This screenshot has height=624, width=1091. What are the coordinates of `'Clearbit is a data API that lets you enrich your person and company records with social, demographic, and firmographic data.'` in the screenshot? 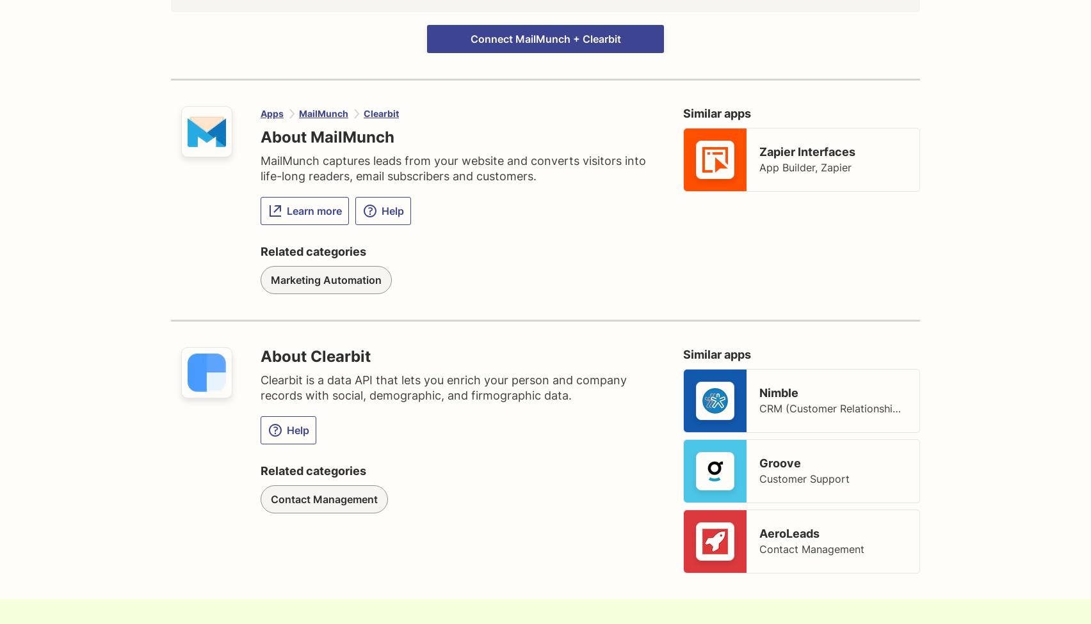 It's located at (443, 387).